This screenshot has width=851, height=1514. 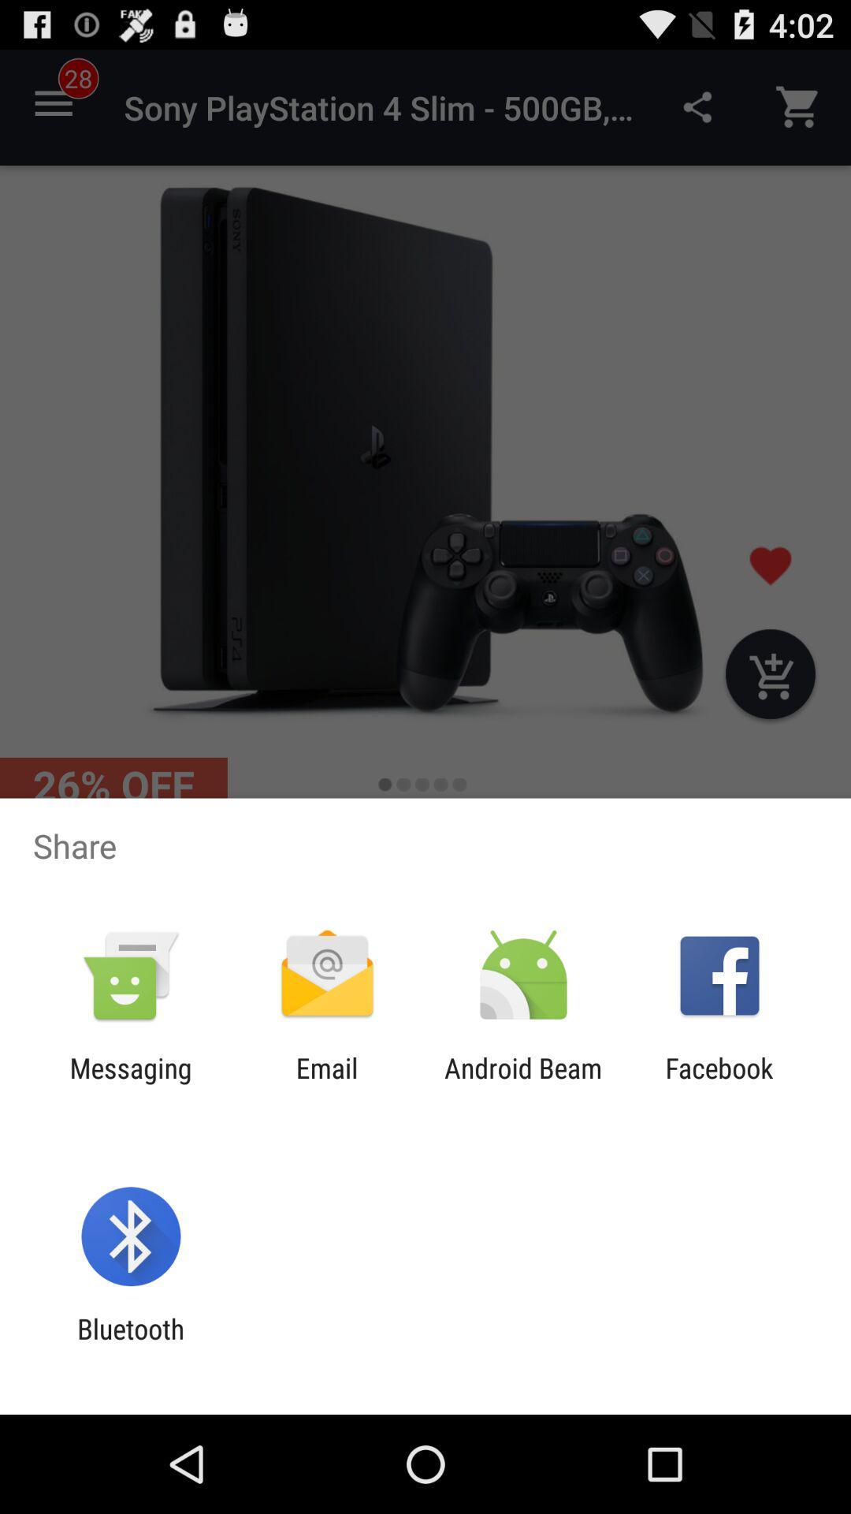 I want to click on icon next to facebook item, so click(x=523, y=1083).